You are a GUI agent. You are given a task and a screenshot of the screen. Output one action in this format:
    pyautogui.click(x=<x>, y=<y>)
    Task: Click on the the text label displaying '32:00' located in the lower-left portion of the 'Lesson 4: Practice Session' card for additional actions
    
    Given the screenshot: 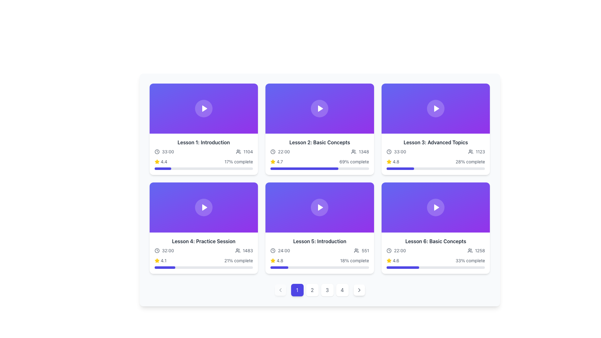 What is the action you would take?
    pyautogui.click(x=168, y=250)
    